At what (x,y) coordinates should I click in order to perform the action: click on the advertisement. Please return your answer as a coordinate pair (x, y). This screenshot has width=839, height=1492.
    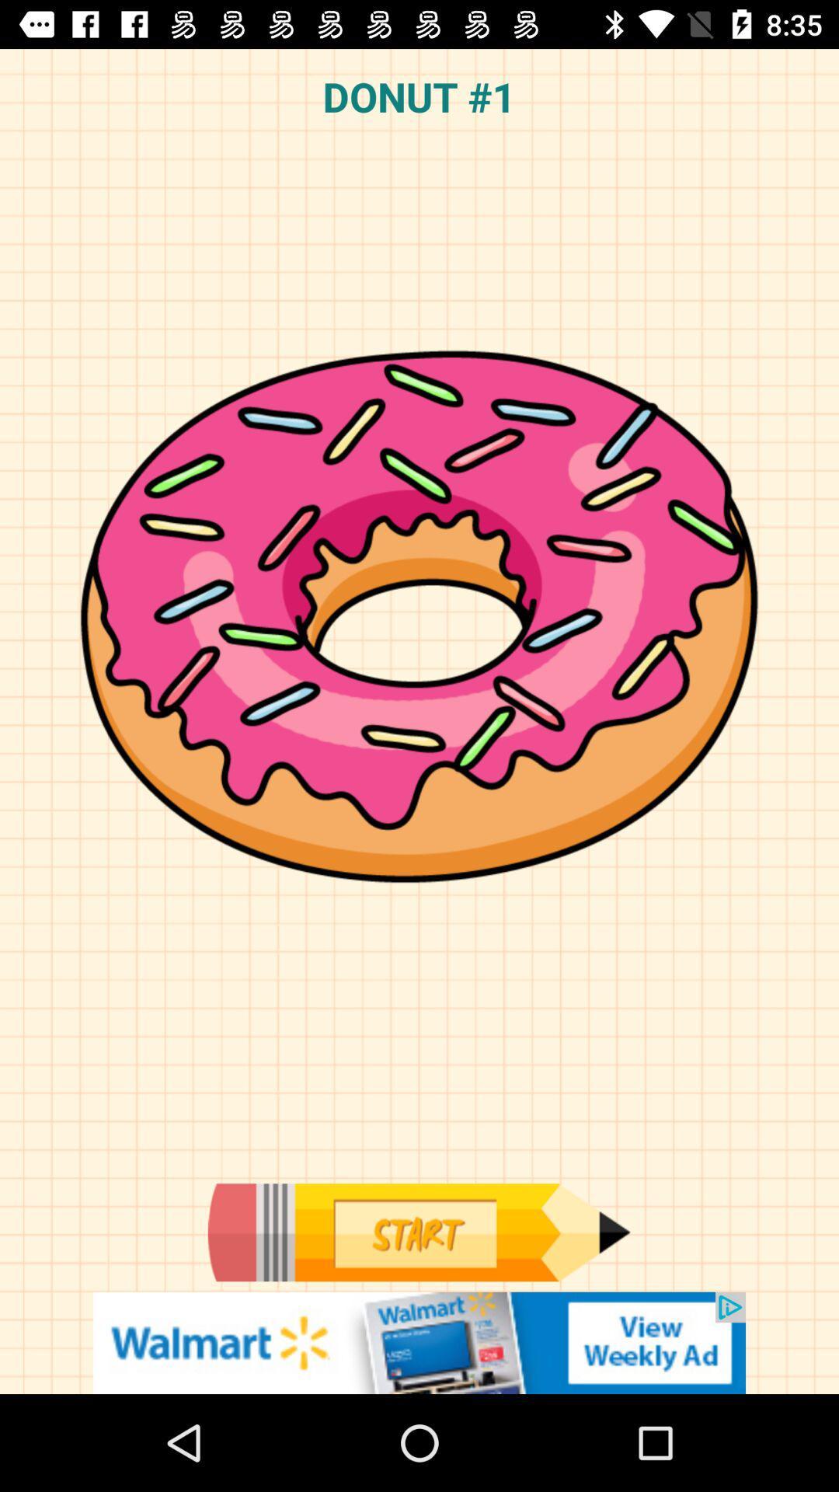
    Looking at the image, I should click on (419, 1342).